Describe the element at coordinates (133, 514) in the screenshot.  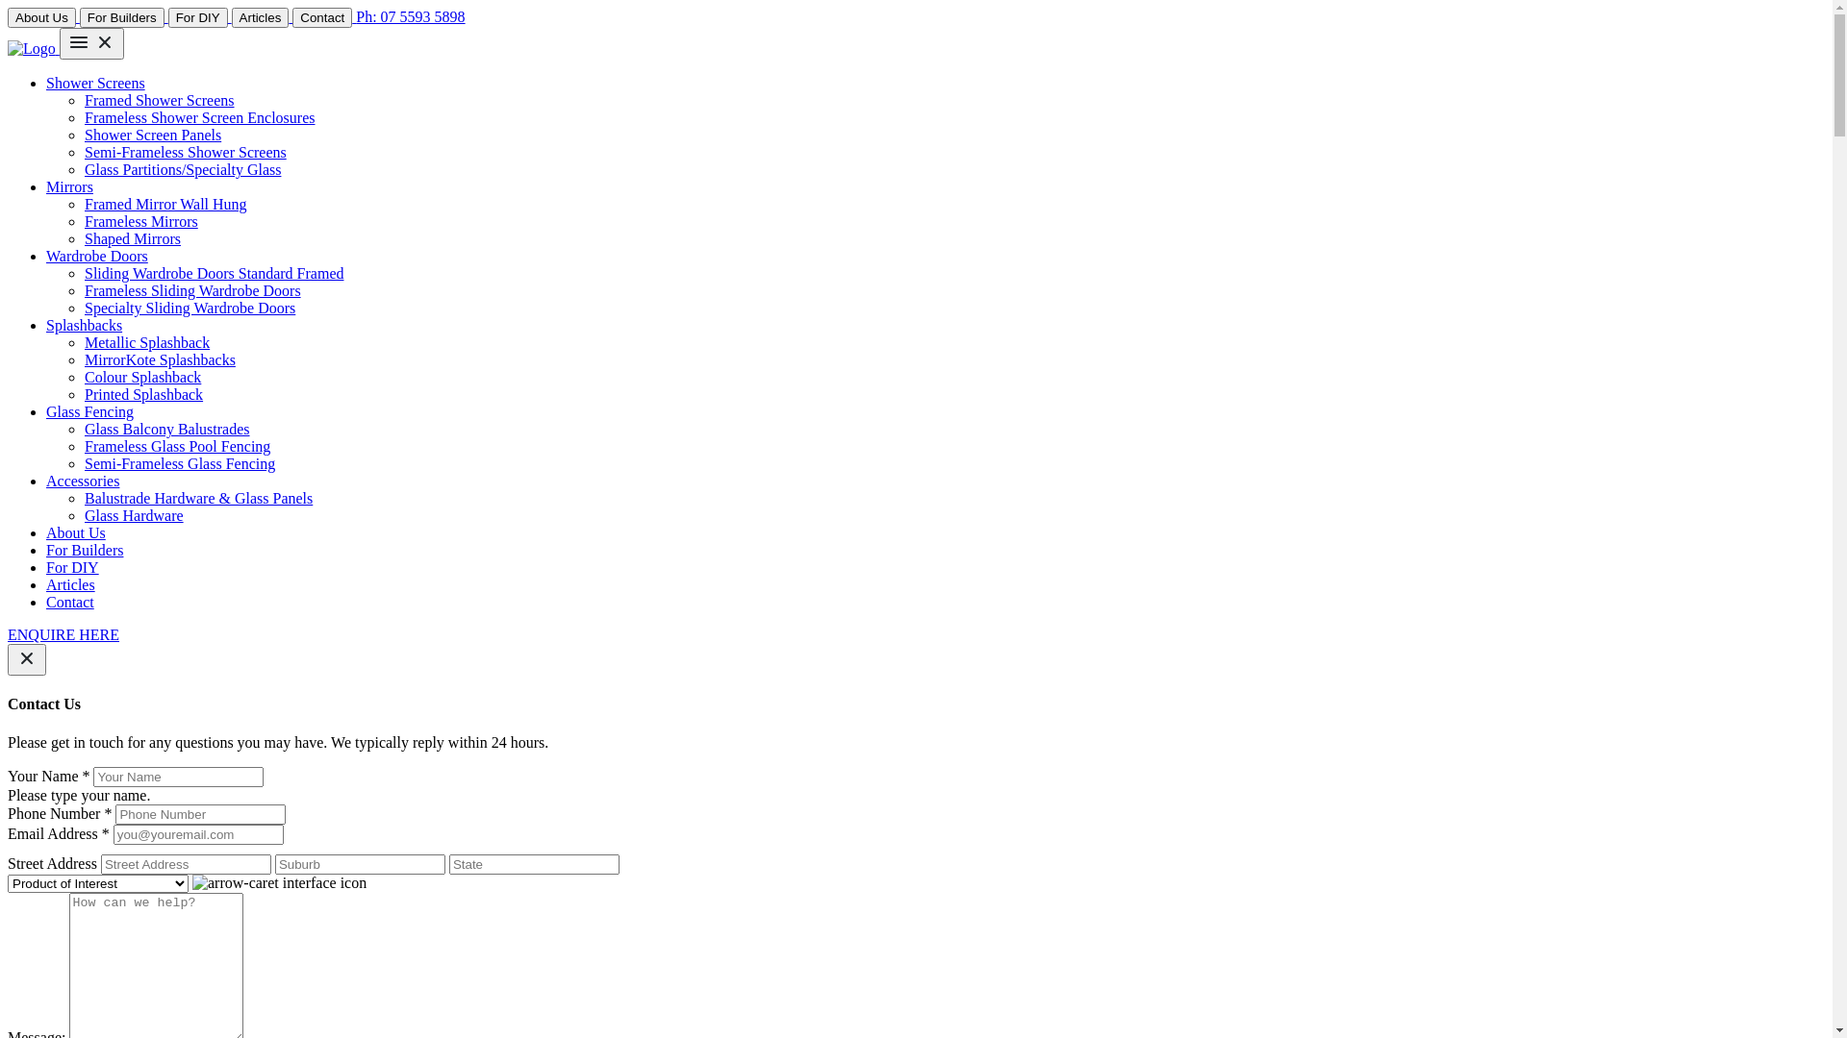
I see `'Glass Hardware'` at that location.